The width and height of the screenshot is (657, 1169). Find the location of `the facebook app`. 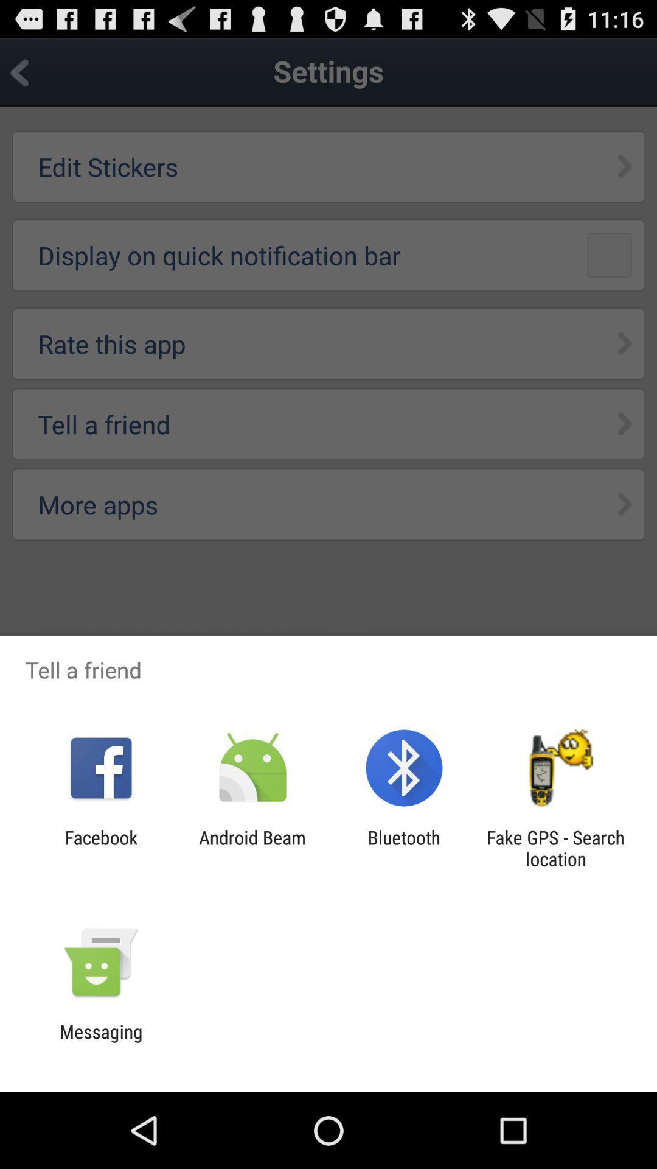

the facebook app is located at coordinates (100, 848).